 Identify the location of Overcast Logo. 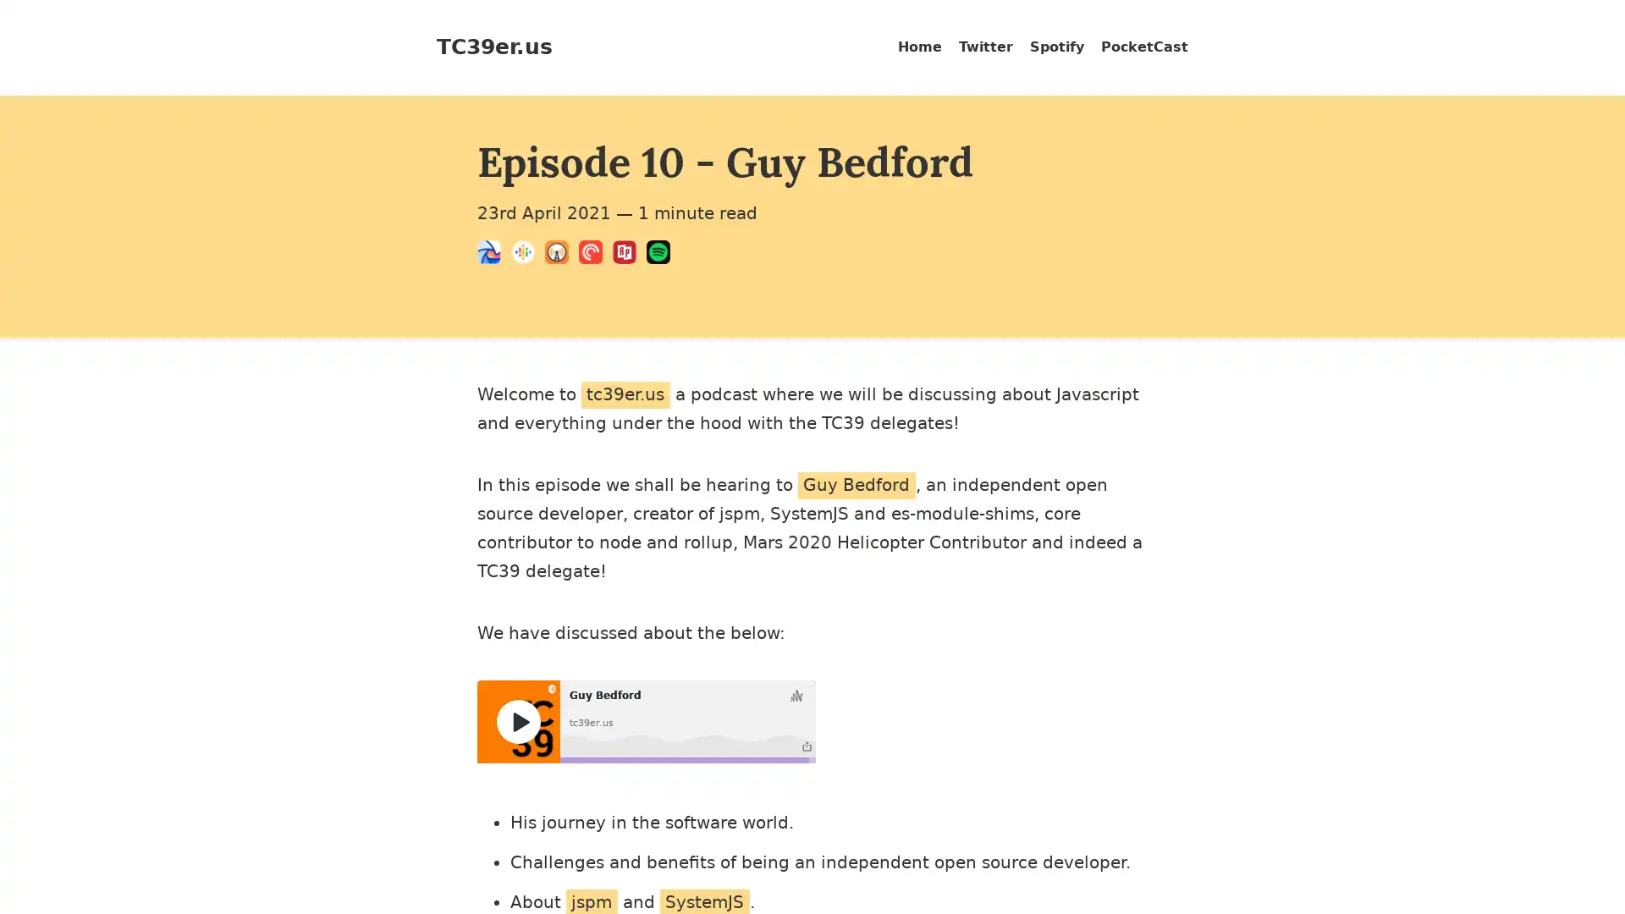
(561, 255).